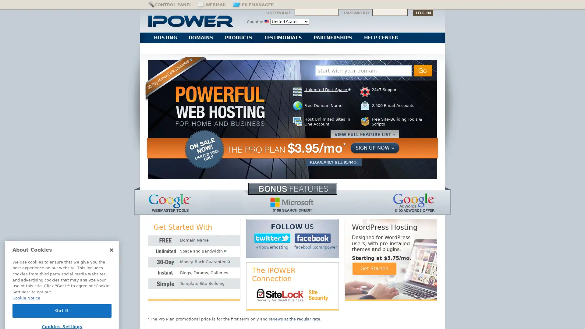 The image size is (585, 329). What do you see at coordinates (62, 305) in the screenshot?
I see `Cookies Settings` at bounding box center [62, 305].